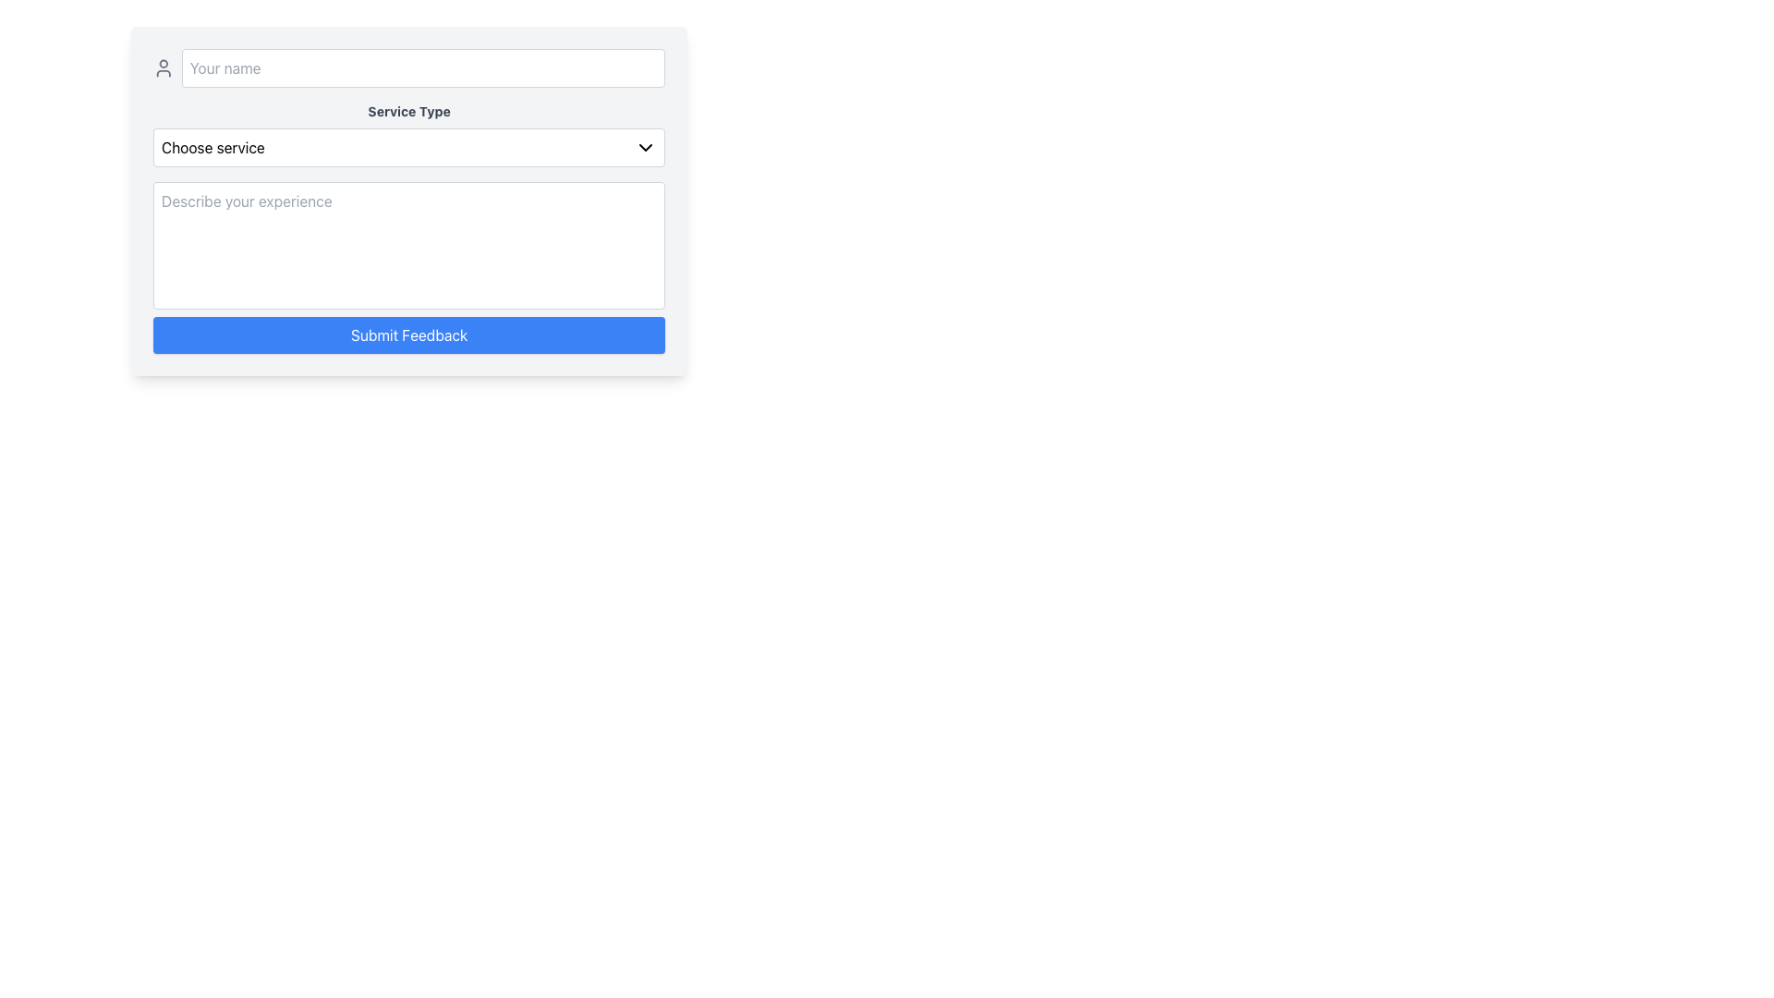 This screenshot has width=1774, height=998. I want to click on the decorative icon that symbolizes the function of the associated input field for entering a user's name, located to the left of the 'Your name' text input field in the top section of the form interface, so click(164, 67).